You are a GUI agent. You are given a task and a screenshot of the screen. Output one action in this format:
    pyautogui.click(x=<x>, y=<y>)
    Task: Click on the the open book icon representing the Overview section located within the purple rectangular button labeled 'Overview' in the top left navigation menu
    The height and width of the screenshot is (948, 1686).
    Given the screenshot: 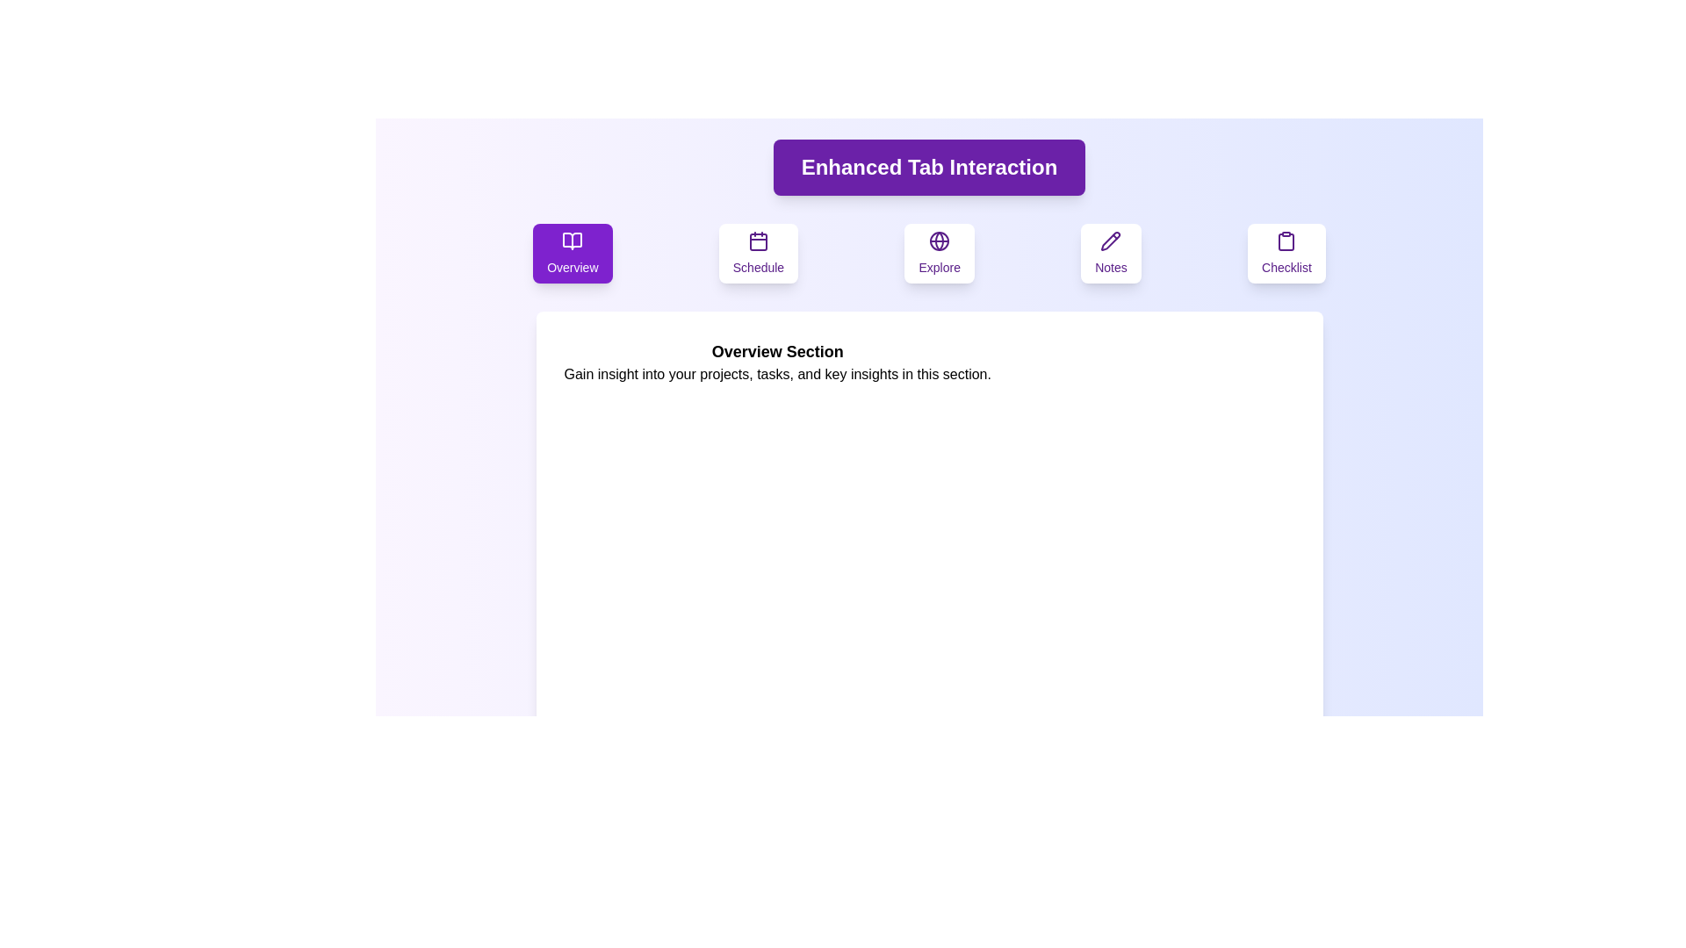 What is the action you would take?
    pyautogui.click(x=573, y=241)
    